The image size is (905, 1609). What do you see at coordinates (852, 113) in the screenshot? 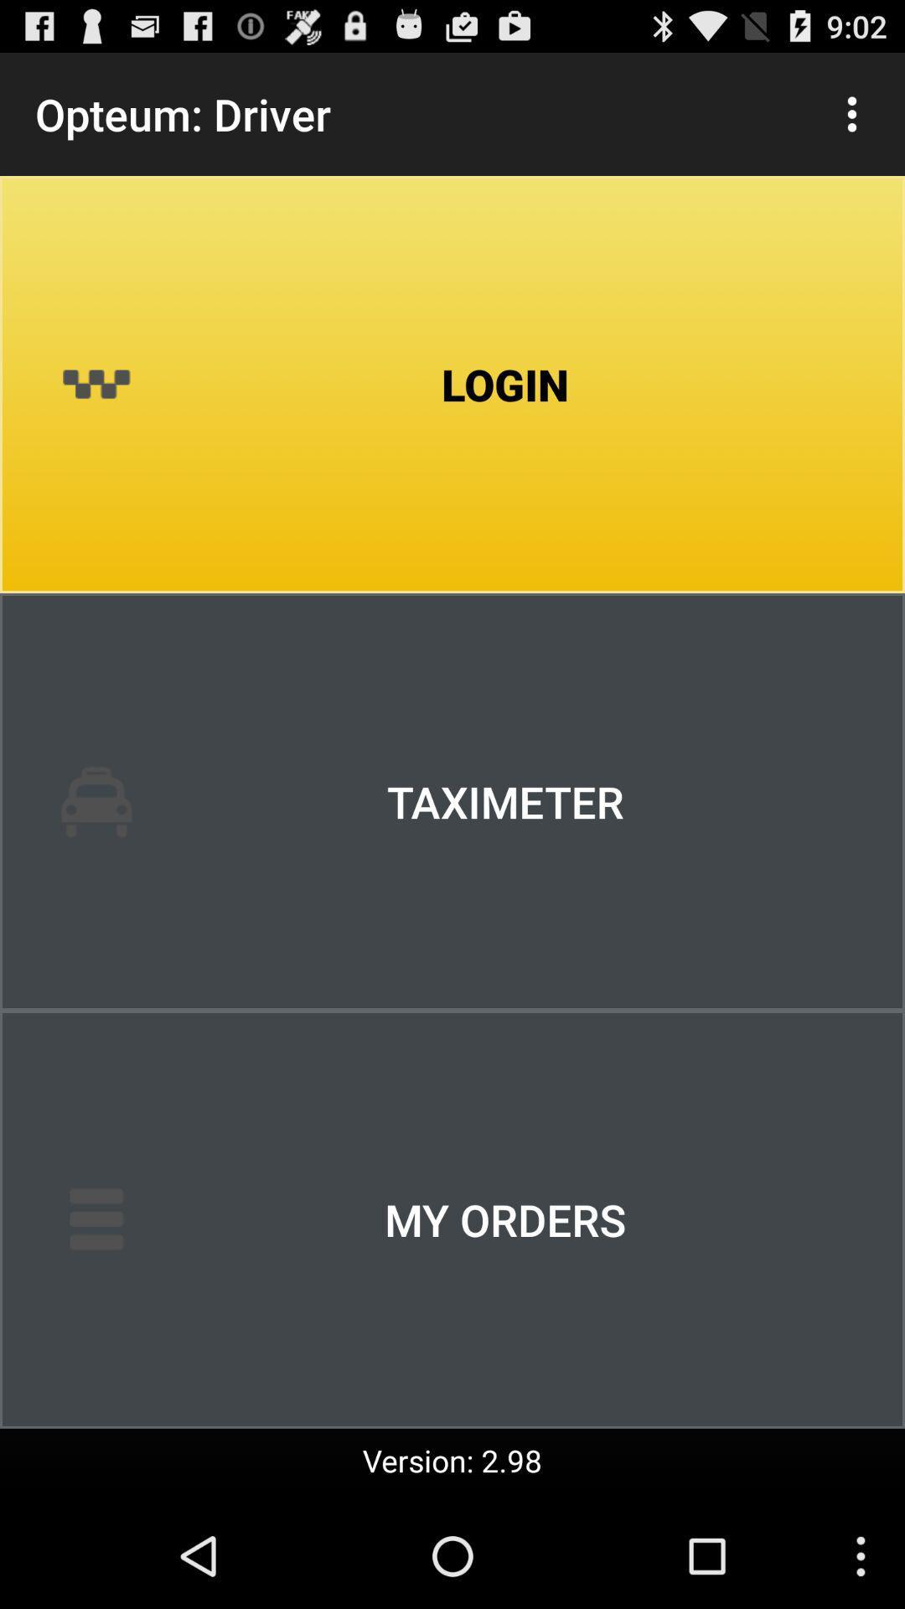
I see `item above the login icon` at bounding box center [852, 113].